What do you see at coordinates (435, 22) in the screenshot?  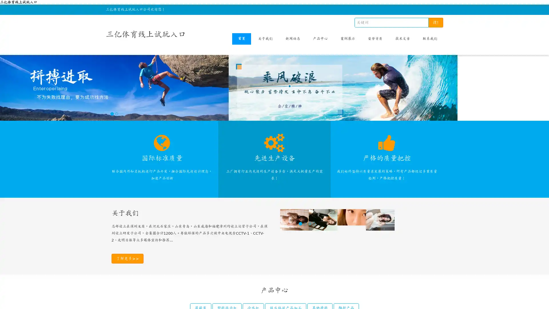 I see `!` at bounding box center [435, 22].